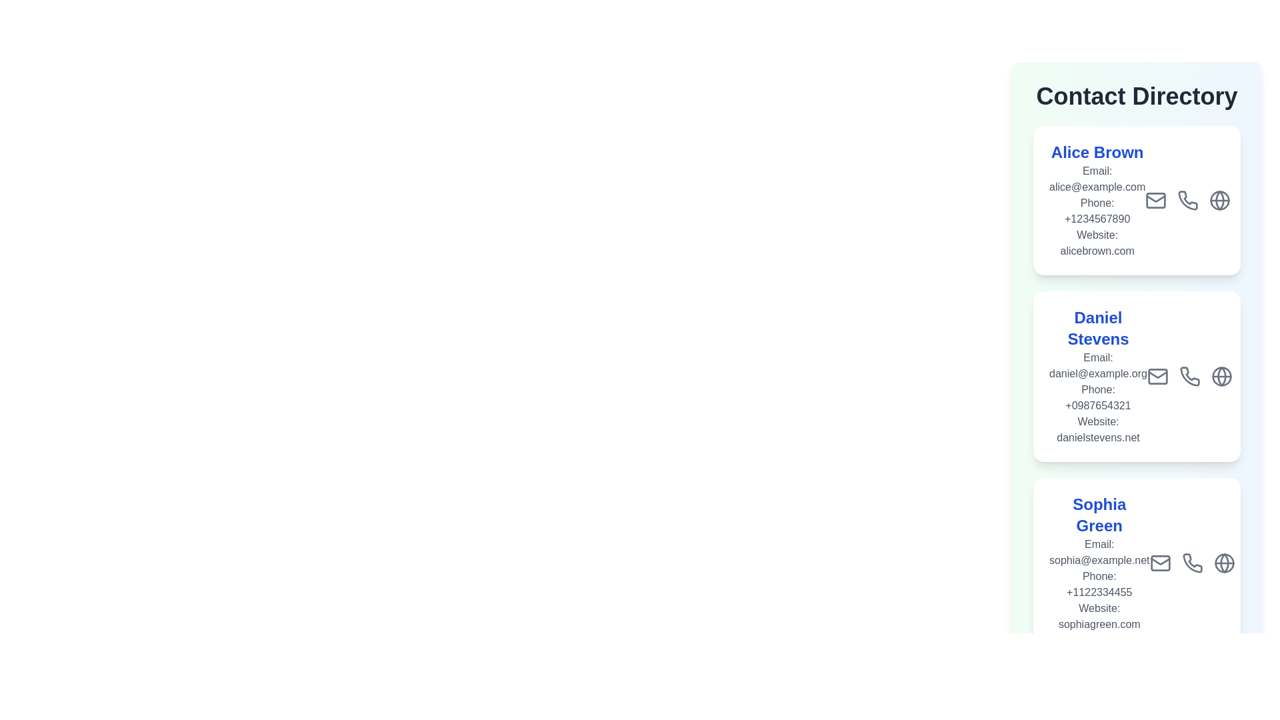 Image resolution: width=1280 pixels, height=720 pixels. I want to click on the text element corresponding to Daniel Stevens, so click(1097, 329).